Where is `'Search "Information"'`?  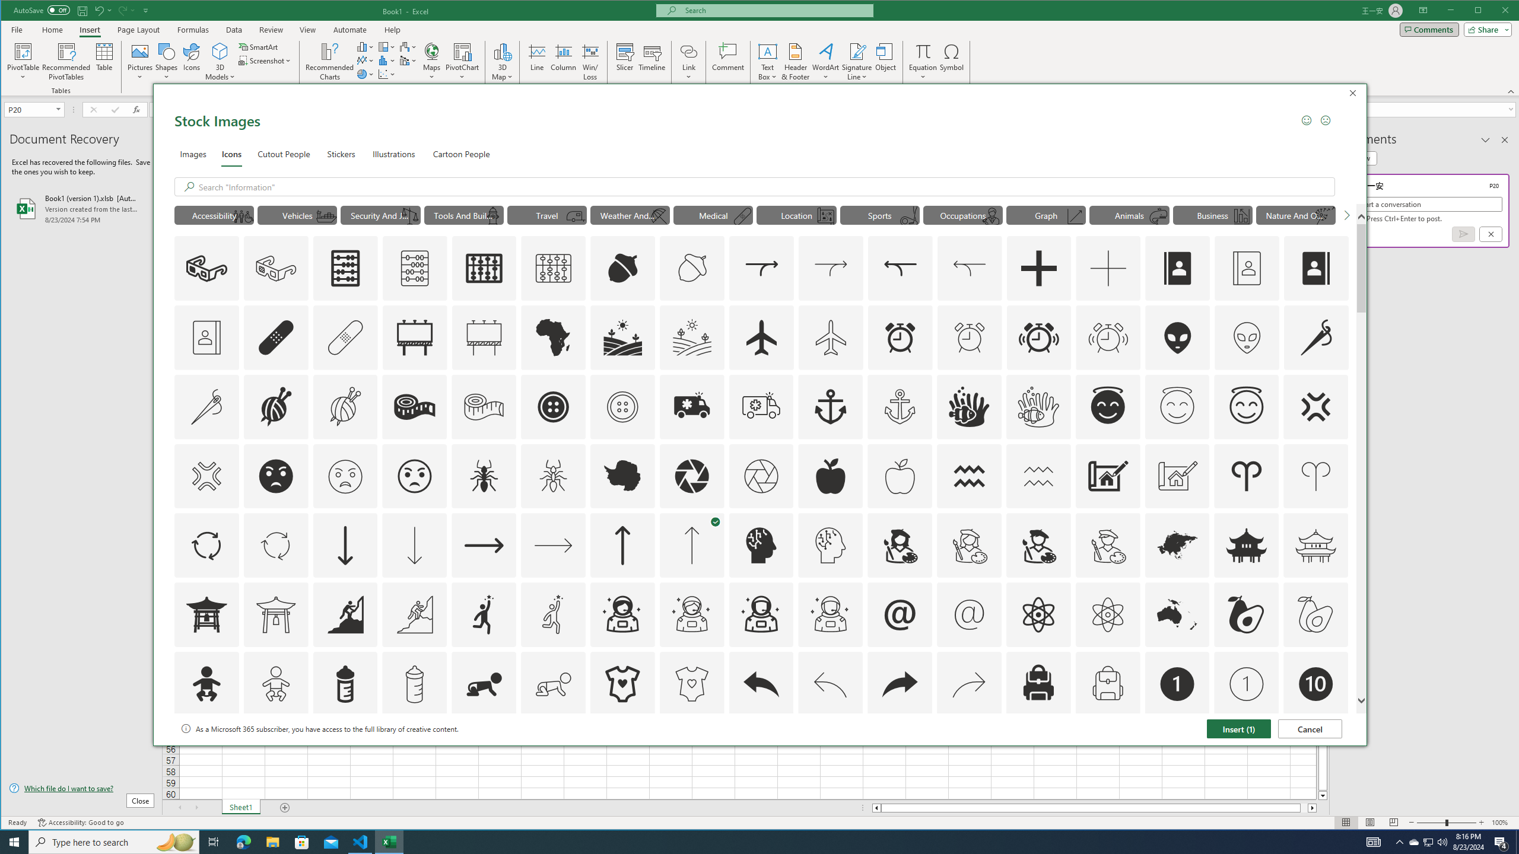
'Search "Information"' is located at coordinates (764, 186).